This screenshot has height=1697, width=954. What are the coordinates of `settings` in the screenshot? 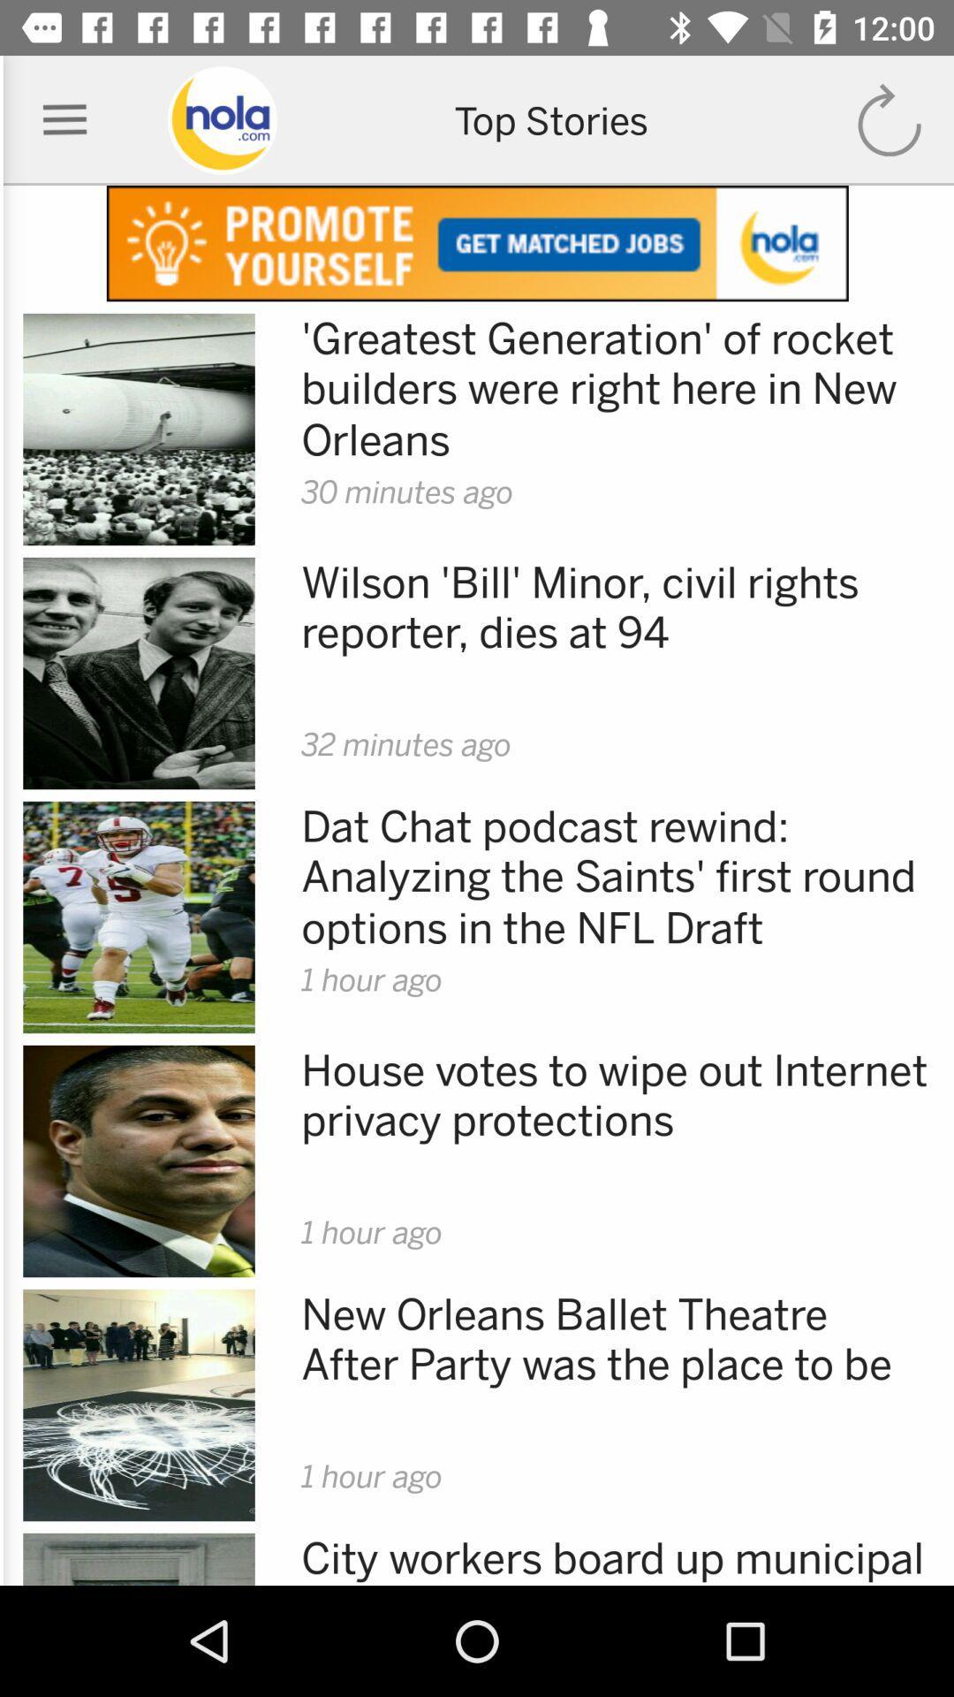 It's located at (64, 119).